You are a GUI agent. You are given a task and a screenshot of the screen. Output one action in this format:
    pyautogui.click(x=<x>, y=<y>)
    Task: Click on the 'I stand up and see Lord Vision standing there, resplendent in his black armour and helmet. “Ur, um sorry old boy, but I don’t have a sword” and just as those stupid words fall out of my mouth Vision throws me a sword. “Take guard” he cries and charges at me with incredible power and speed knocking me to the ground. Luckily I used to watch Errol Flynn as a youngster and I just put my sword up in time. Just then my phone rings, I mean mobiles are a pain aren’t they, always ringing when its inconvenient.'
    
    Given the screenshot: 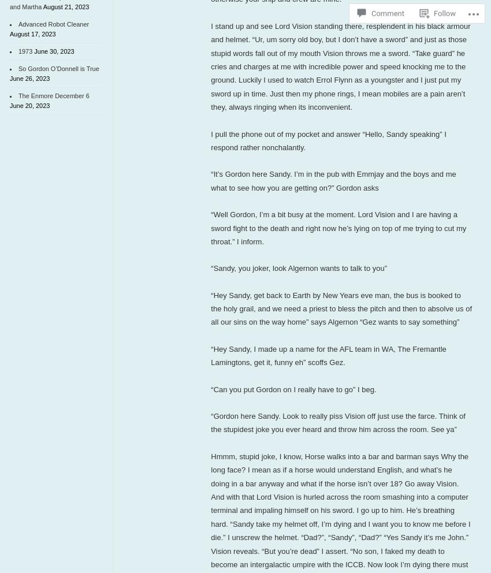 What is the action you would take?
    pyautogui.click(x=340, y=65)
    